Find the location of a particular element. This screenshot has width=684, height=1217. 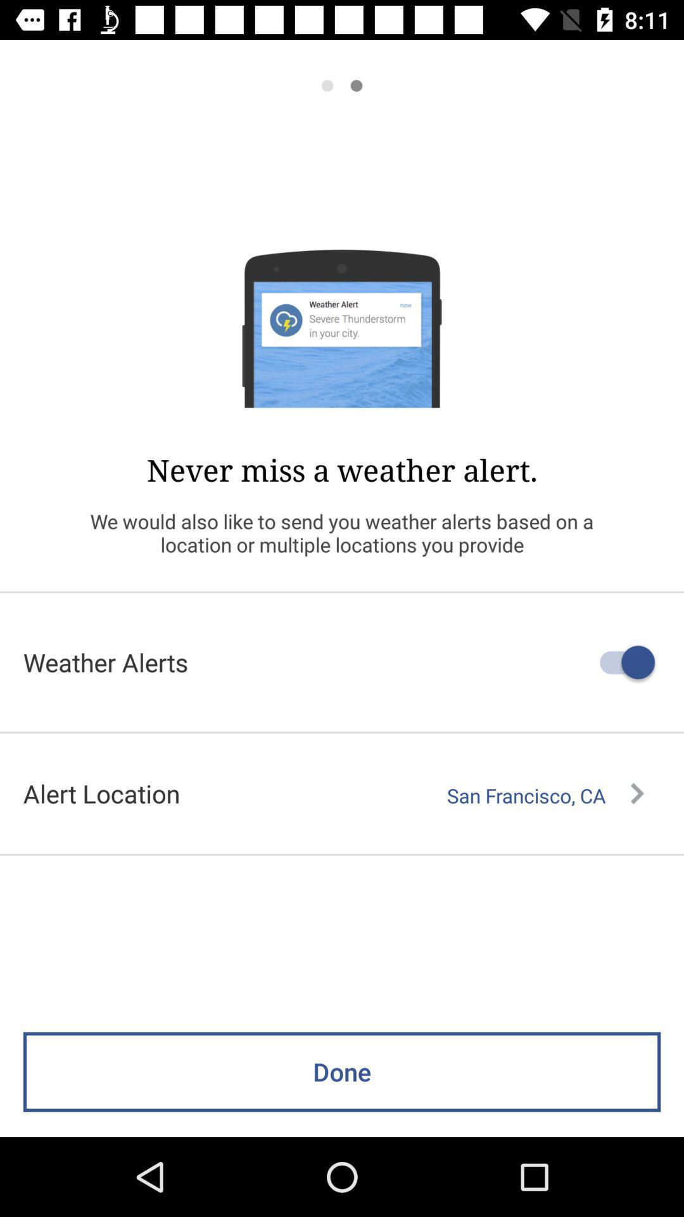

the icon to the right of the alert location icon is located at coordinates (545, 795).